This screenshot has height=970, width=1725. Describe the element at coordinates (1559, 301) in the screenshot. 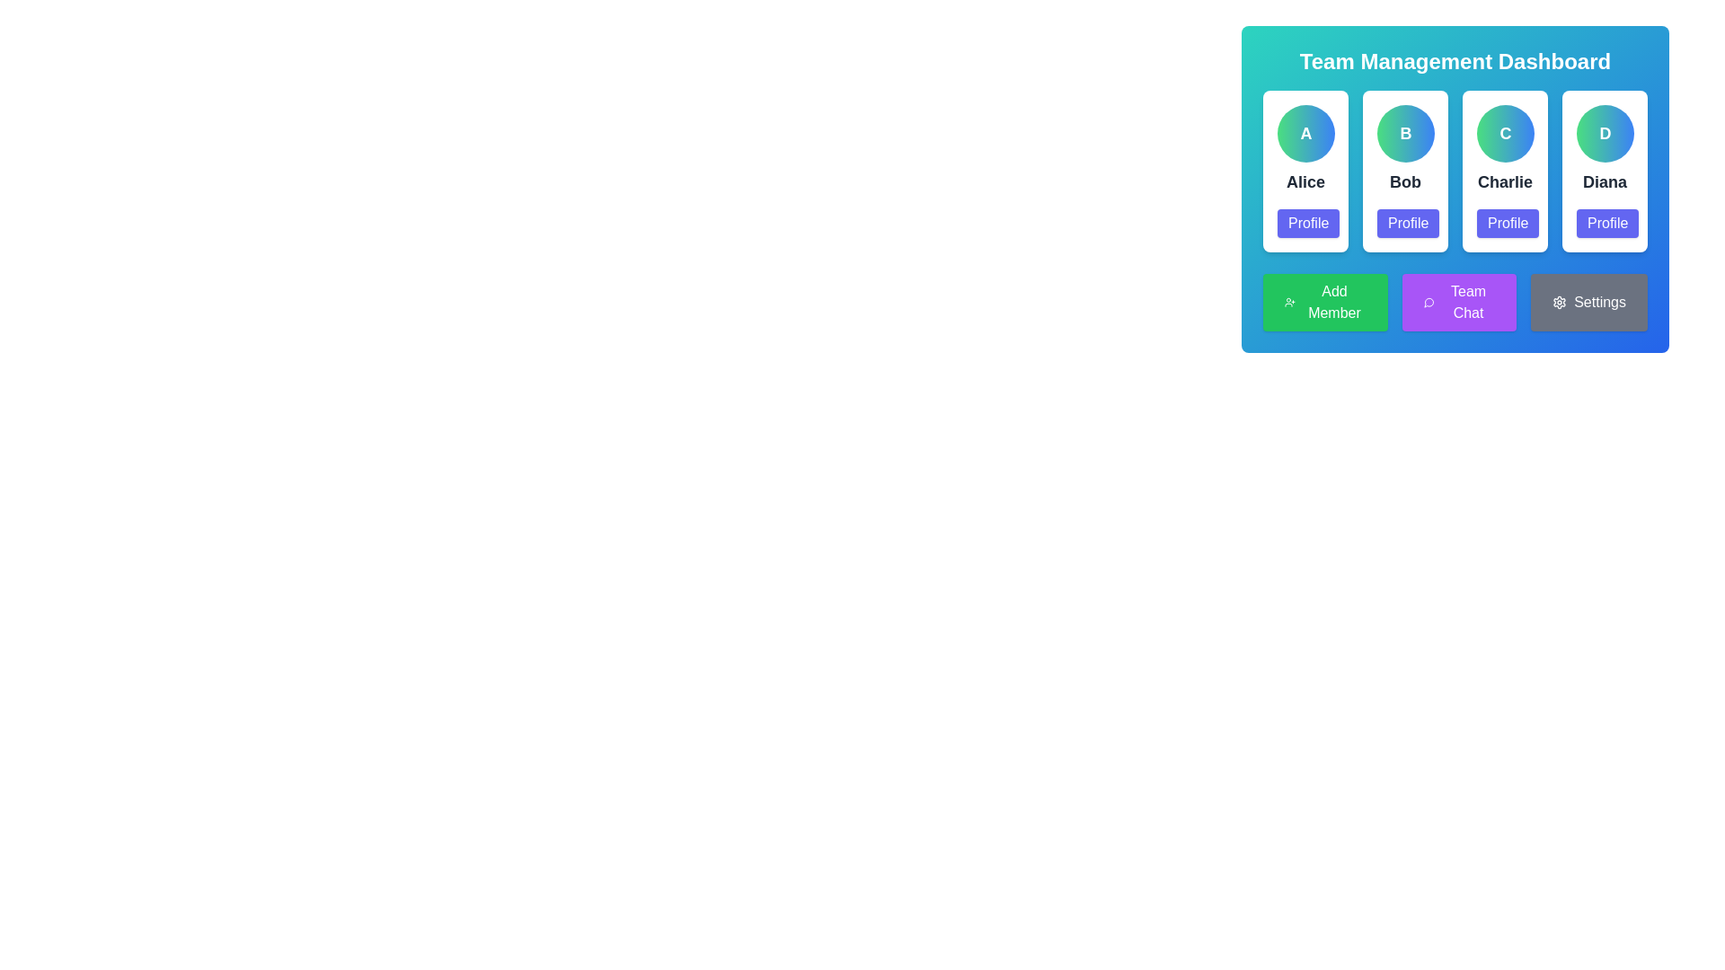

I see `the gear-shaped icon representing the settings option located in the bottom-right part of the dashboard interface` at that location.